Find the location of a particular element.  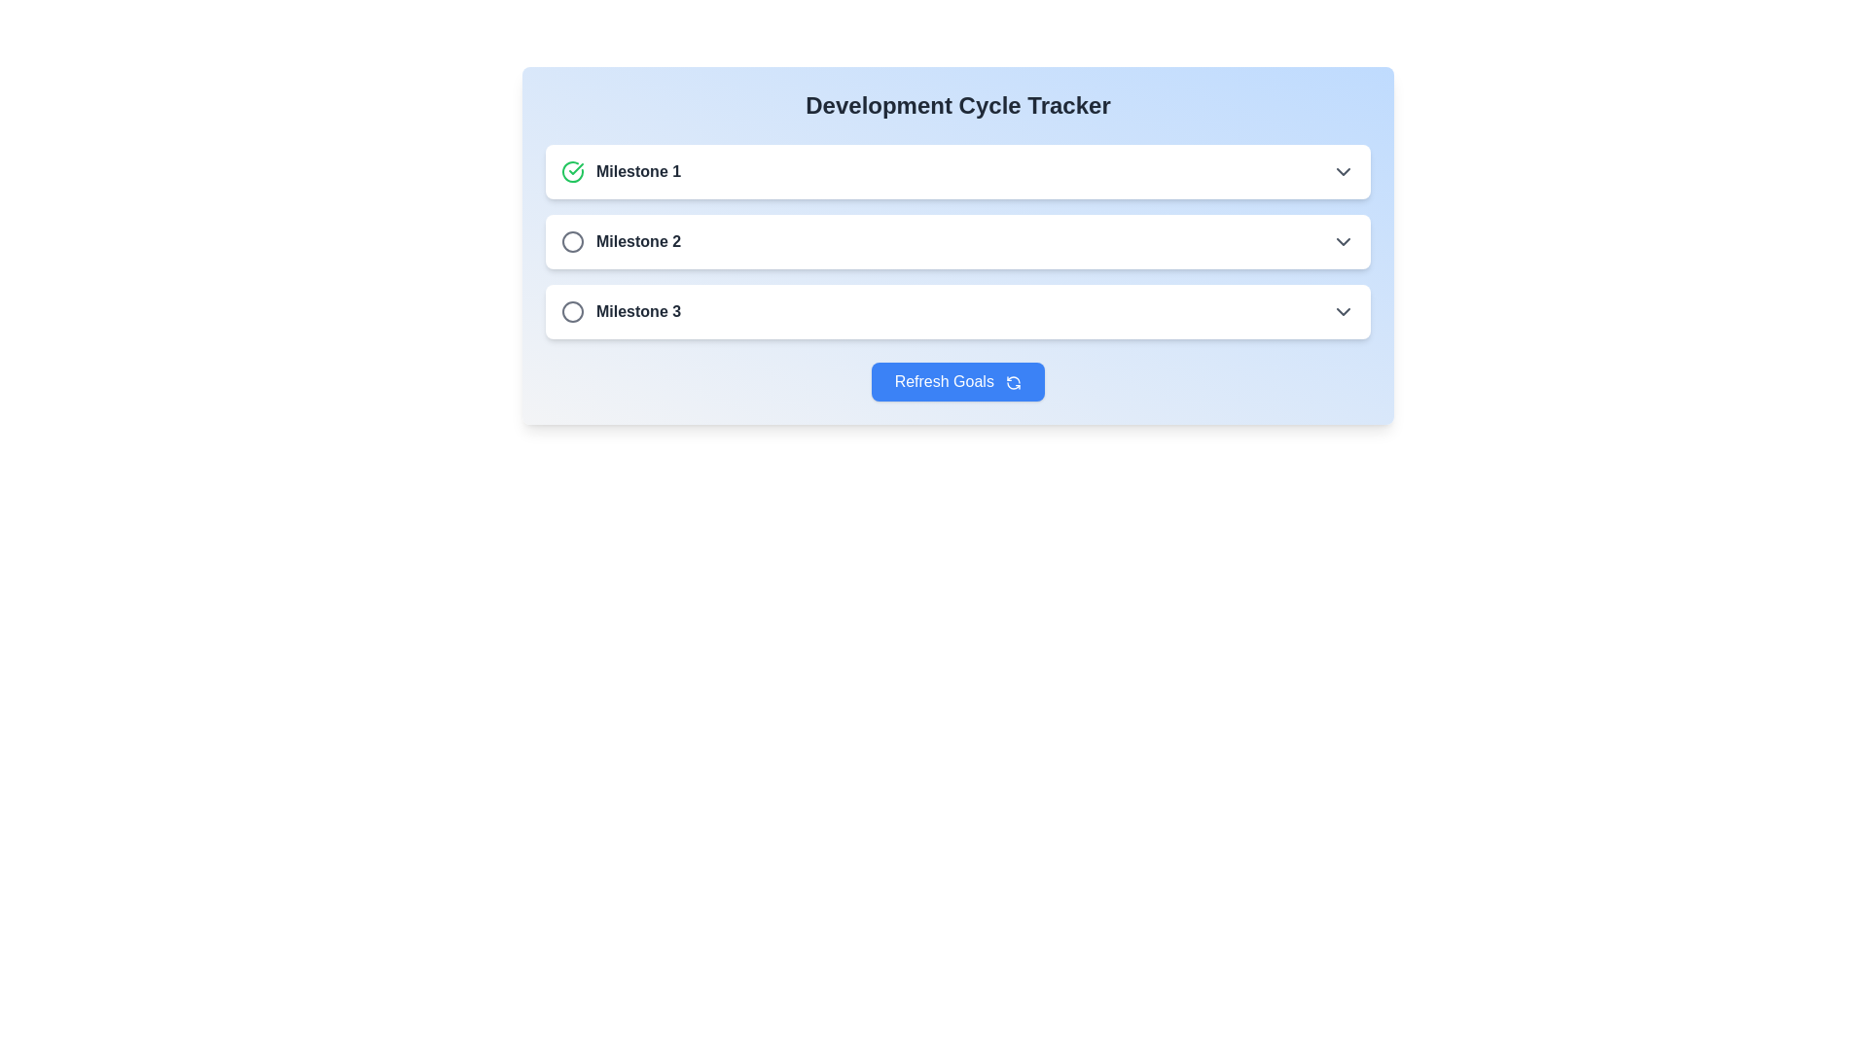

the dropdown toggle button located at the far-right of the 'Milestone 1' component for accessibility navigation is located at coordinates (1343, 171).